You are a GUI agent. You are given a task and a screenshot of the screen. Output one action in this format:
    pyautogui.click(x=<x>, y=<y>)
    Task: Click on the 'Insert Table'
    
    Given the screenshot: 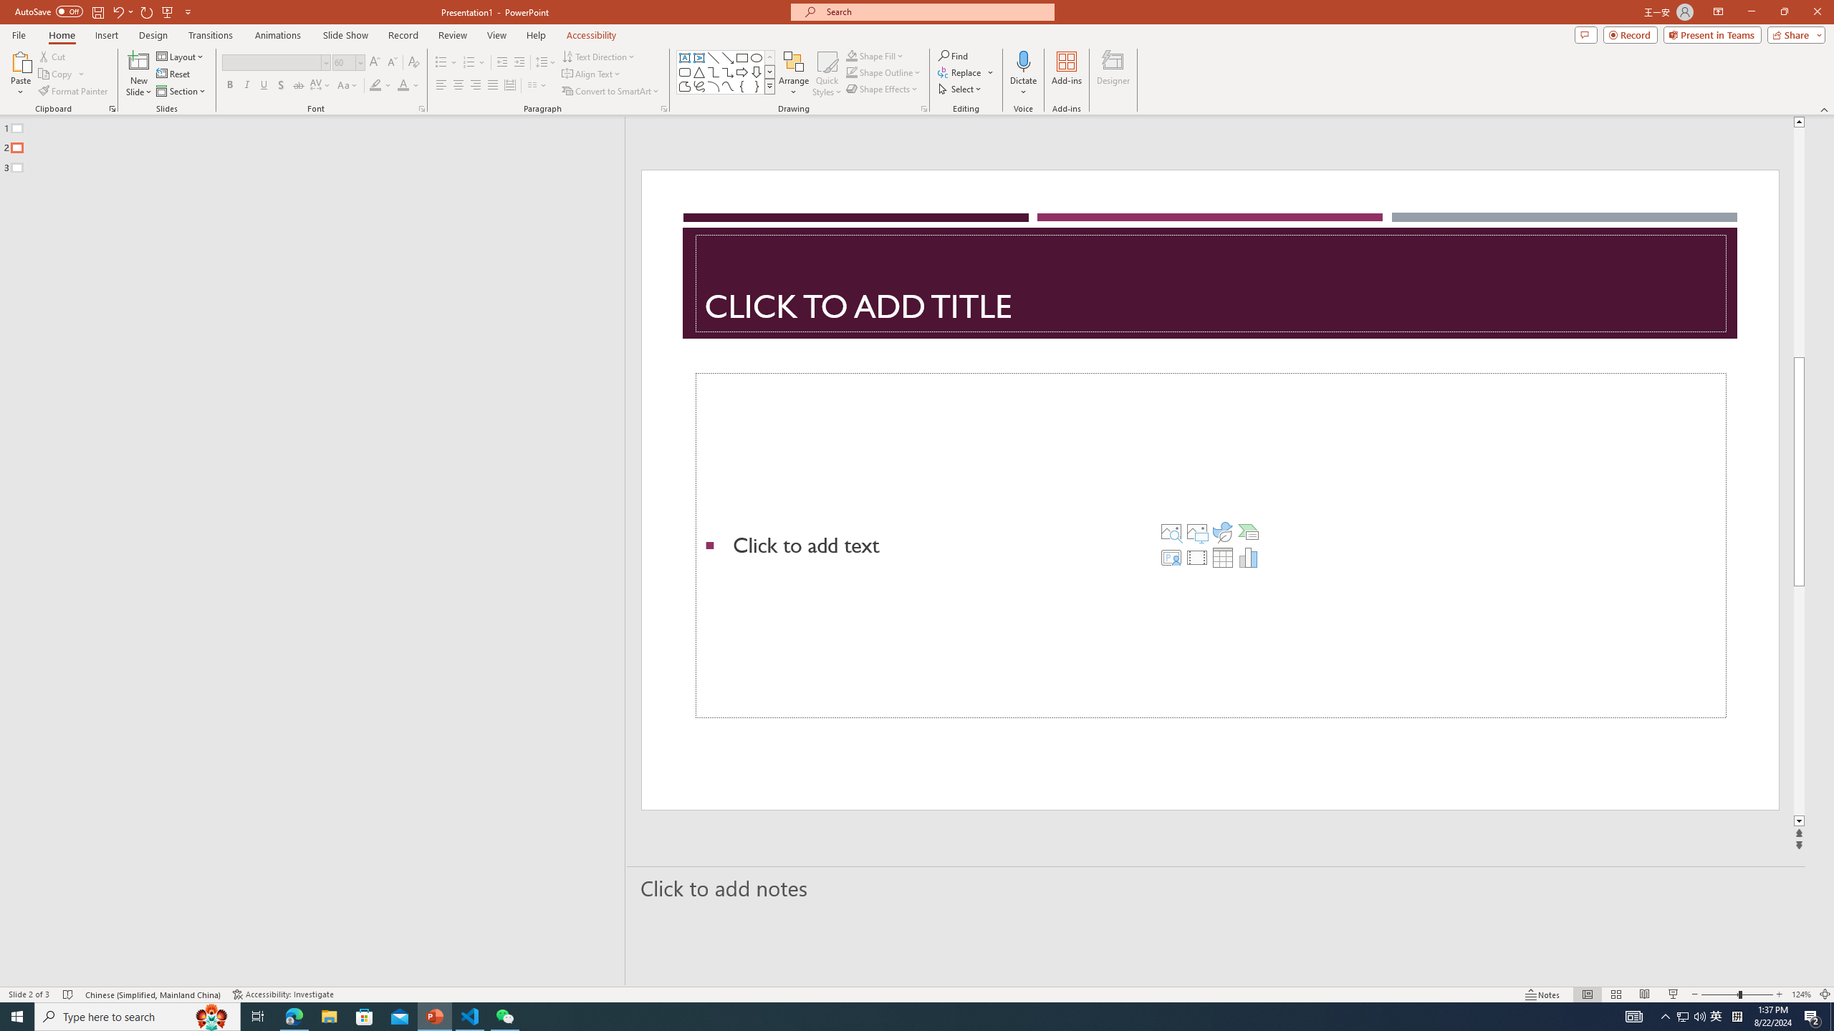 What is the action you would take?
    pyautogui.click(x=1223, y=557)
    